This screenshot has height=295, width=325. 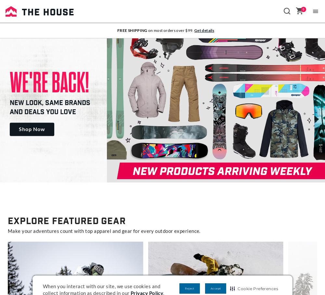 I want to click on 'Accept', so click(x=210, y=288).